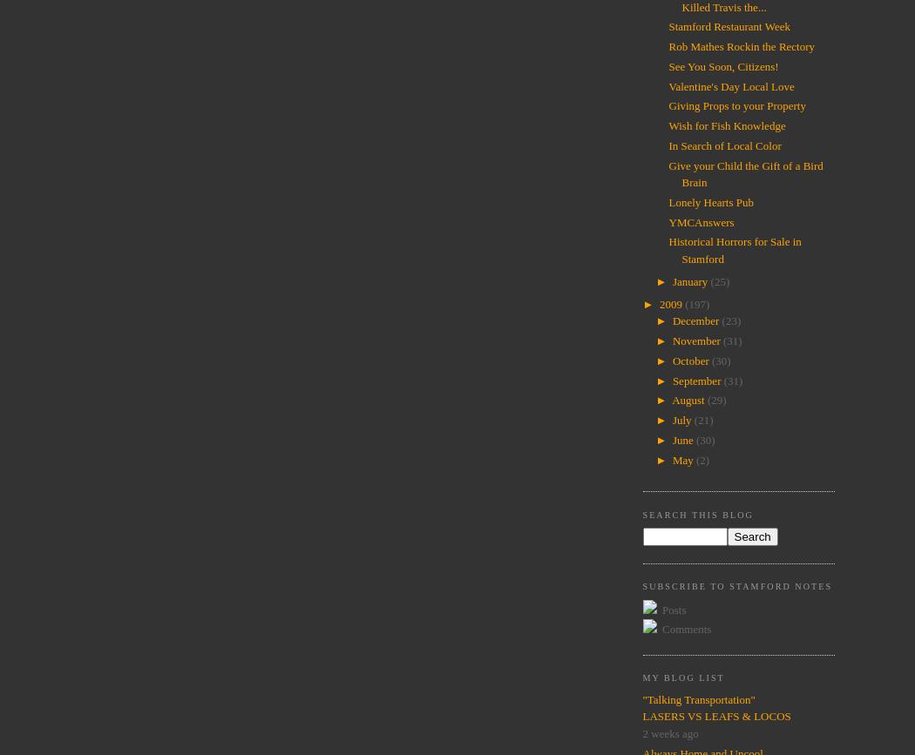 The height and width of the screenshot is (755, 915). I want to click on '(197)', so click(695, 303).